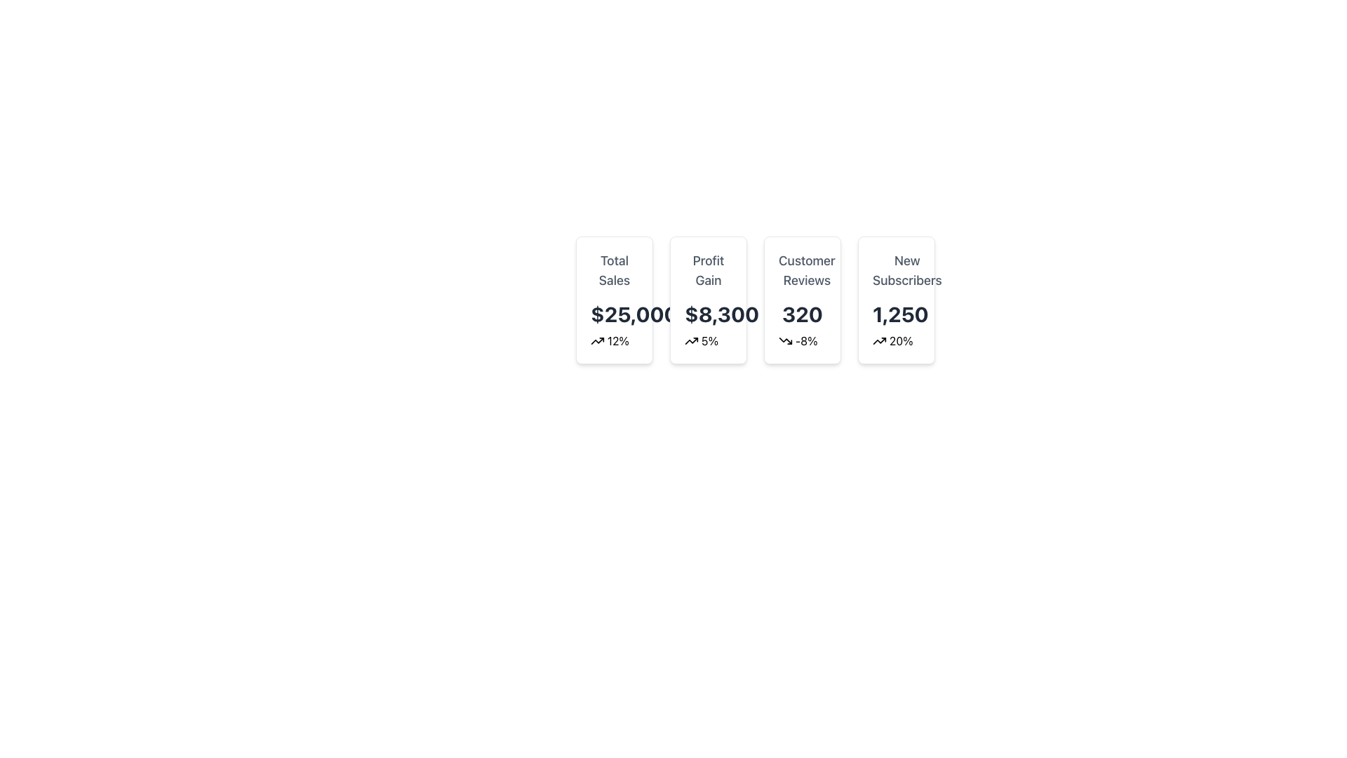 This screenshot has height=758, width=1347. What do you see at coordinates (901, 341) in the screenshot?
I see `the static text label displaying '20%' in green, located in the bottom section of the 'New Subscribers' card, to the right of the upward-trending arrow icon` at bounding box center [901, 341].